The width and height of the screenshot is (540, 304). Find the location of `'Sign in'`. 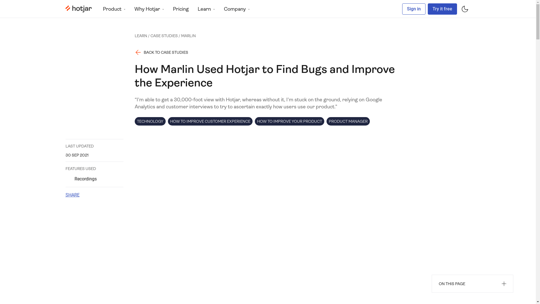

'Sign in' is located at coordinates (414, 9).